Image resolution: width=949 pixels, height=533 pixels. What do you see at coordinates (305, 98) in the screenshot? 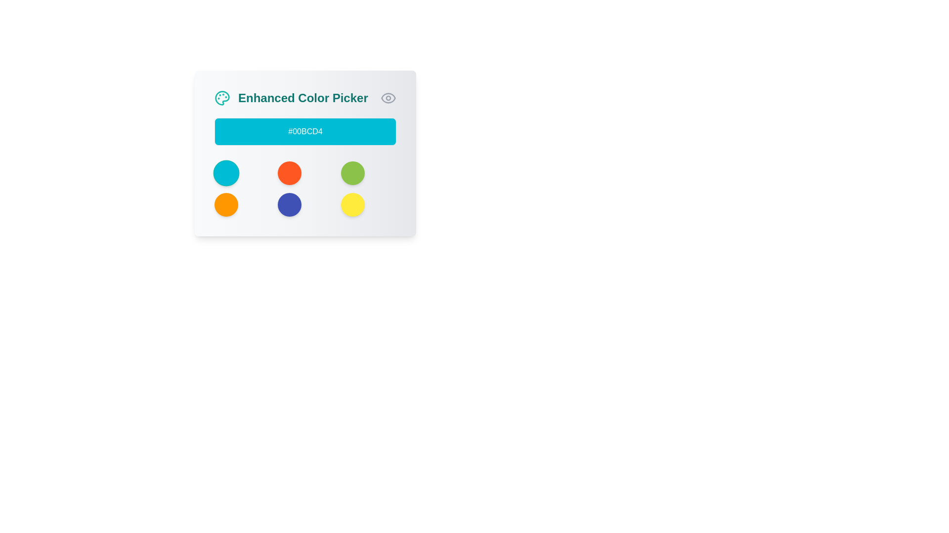
I see `the Header or Title with Icon that provides context about color selection functionality` at bounding box center [305, 98].